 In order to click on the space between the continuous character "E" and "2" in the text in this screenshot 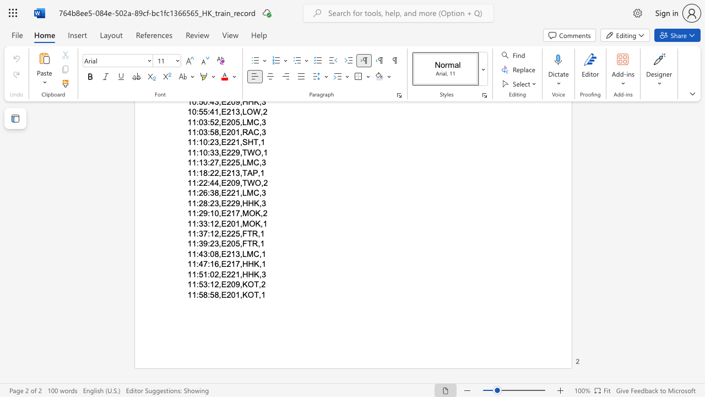, I will do `click(226, 273)`.